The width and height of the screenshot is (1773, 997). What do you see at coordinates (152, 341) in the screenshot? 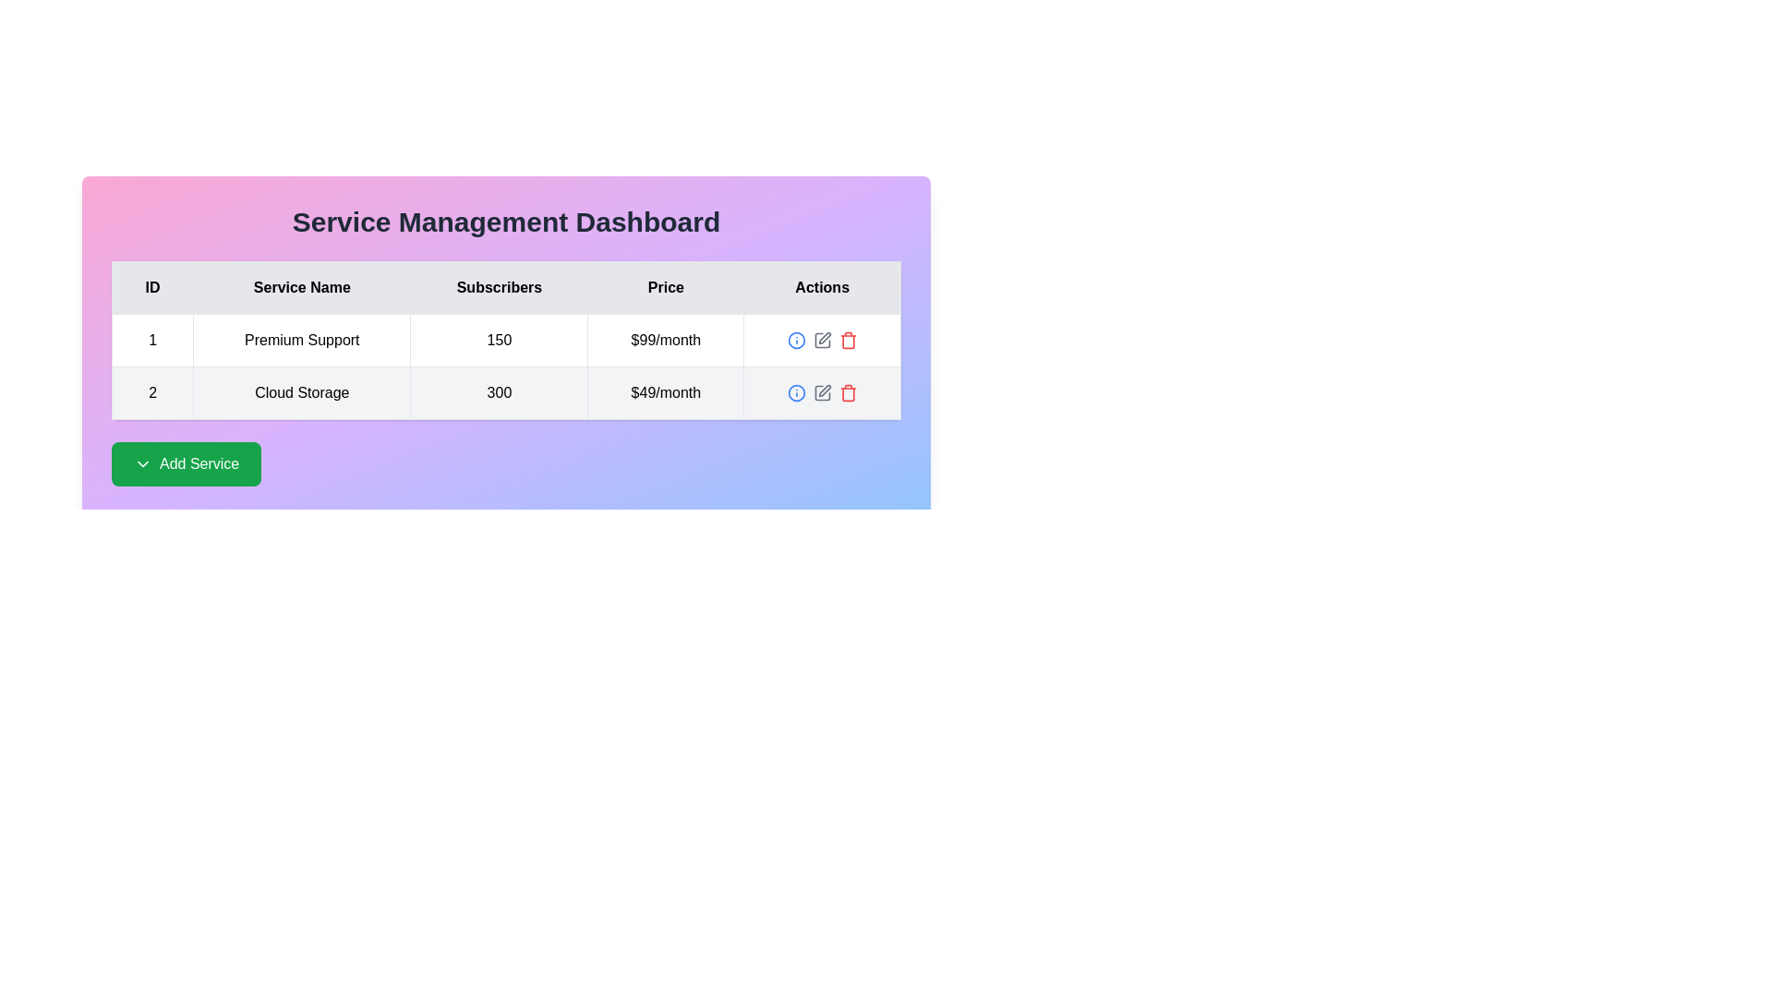
I see `the text cell that represents the unique identifier for the first entry in the table under the 'ID' column` at bounding box center [152, 341].